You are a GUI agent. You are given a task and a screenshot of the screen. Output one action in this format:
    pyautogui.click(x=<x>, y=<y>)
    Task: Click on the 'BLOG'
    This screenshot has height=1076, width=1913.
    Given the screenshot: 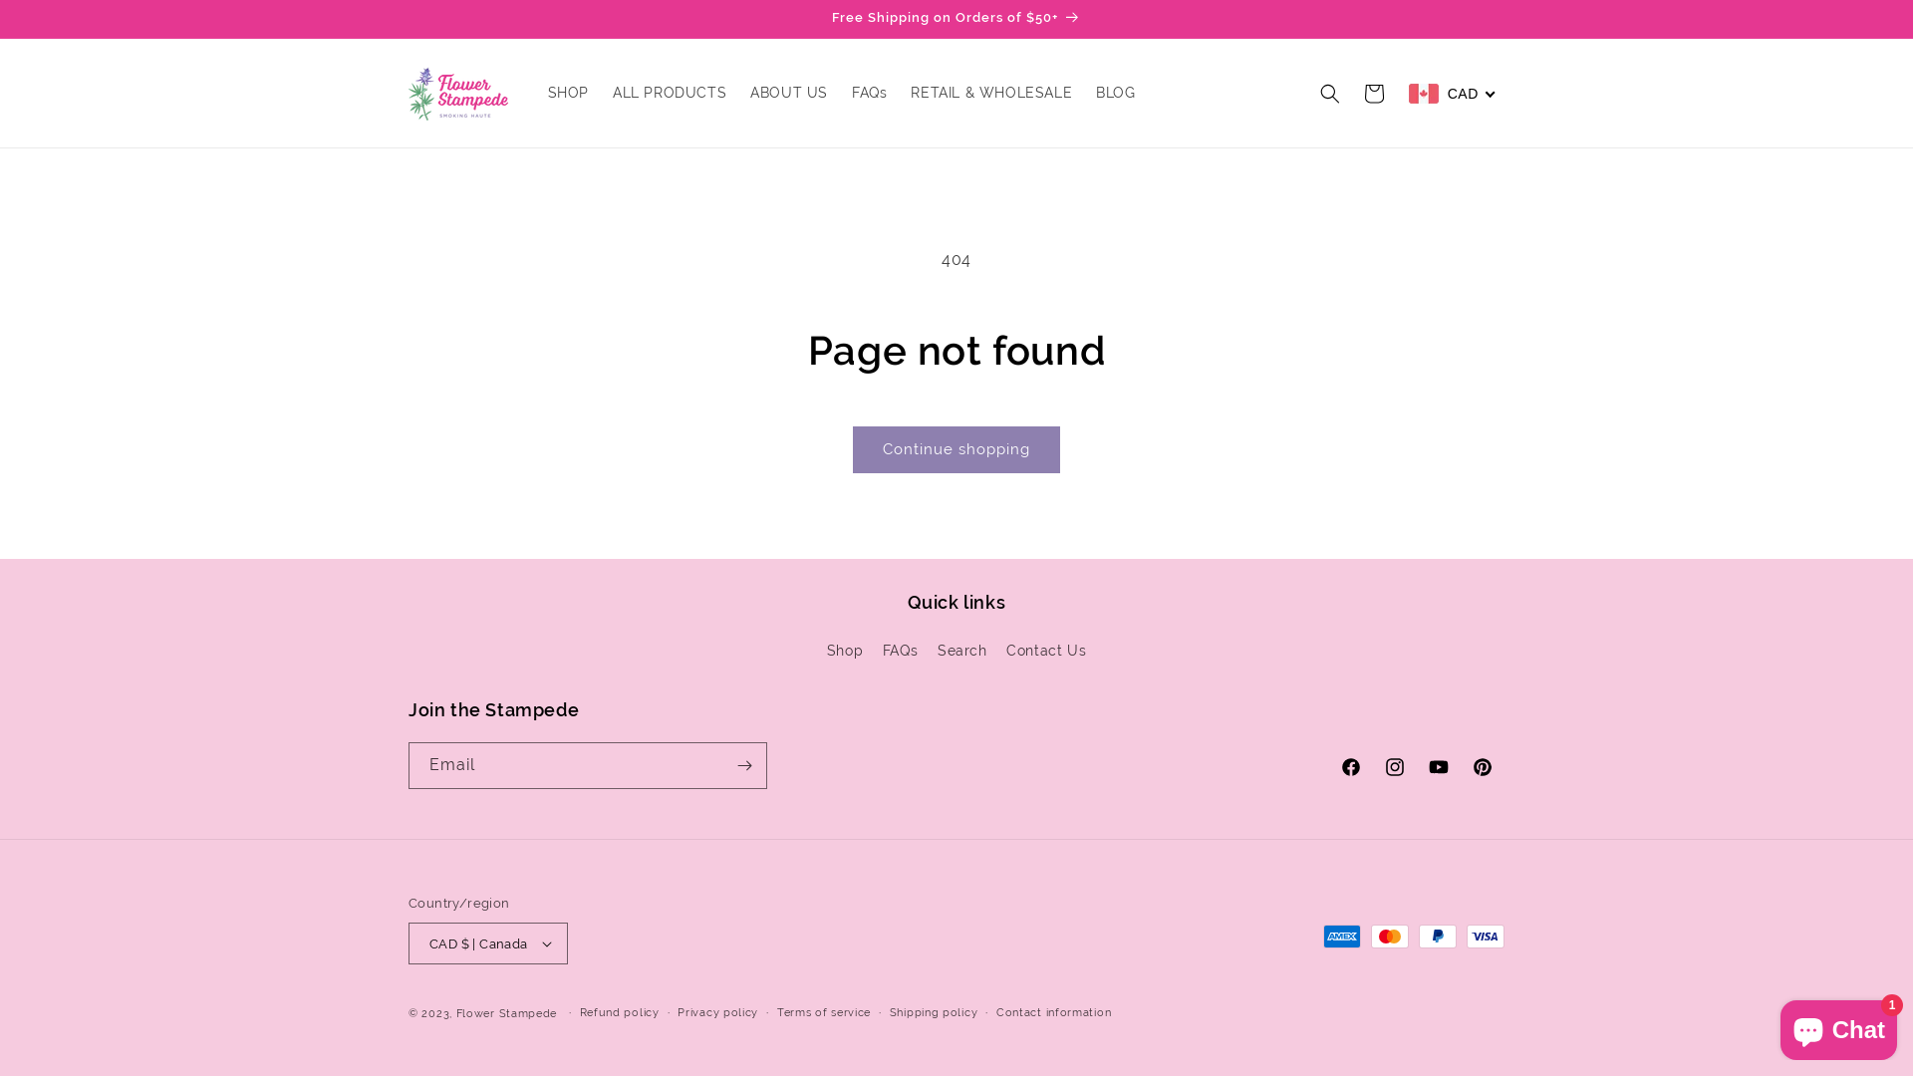 What is the action you would take?
    pyautogui.click(x=1114, y=92)
    